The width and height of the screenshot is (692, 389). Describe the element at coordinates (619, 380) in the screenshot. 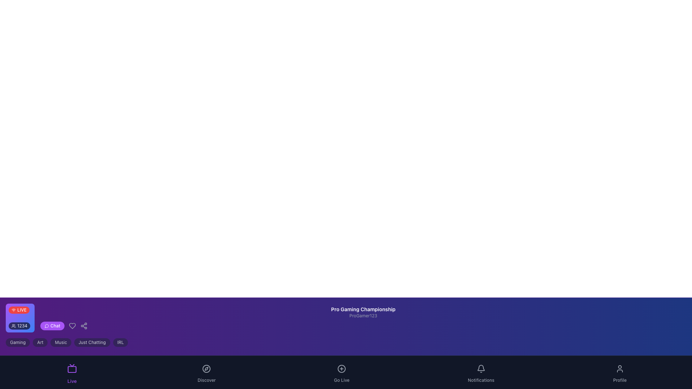

I see `the static text label 'Profile' displayed in gray color, located below the user-profile icon in the lower navigation bar` at that location.